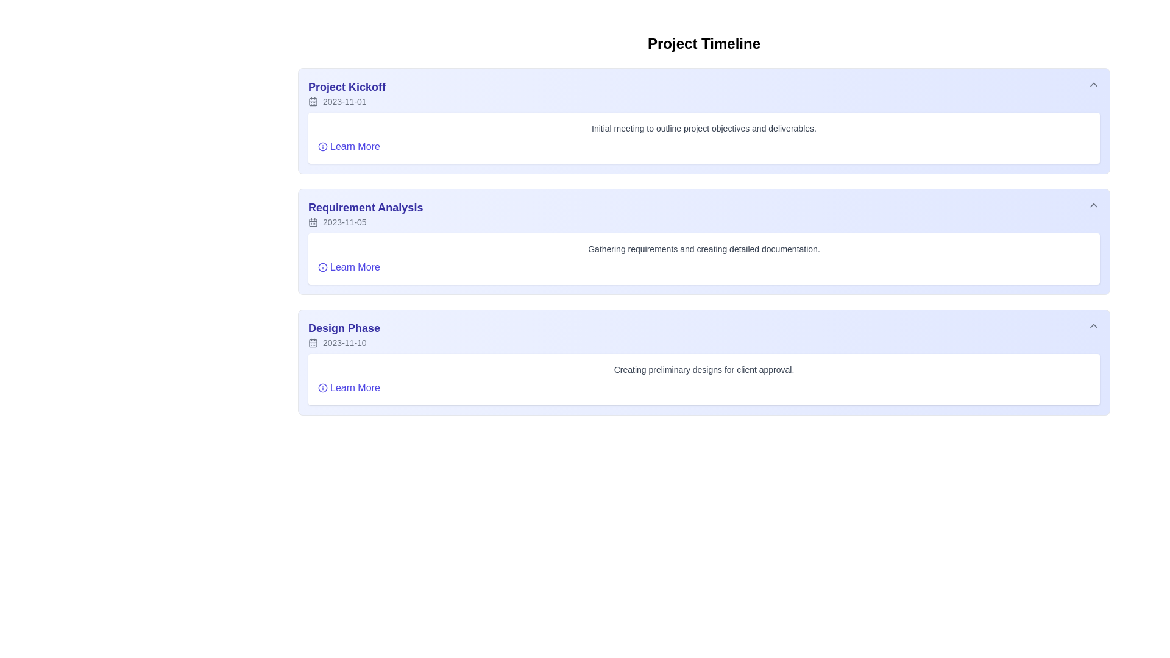  What do you see at coordinates (322, 146) in the screenshot?
I see `the circular icon element that is part of the informational button or indicator located near the top-left corner of the second row, preceding the 'Learn More' link for the 'Requirement Analysis' section` at bounding box center [322, 146].